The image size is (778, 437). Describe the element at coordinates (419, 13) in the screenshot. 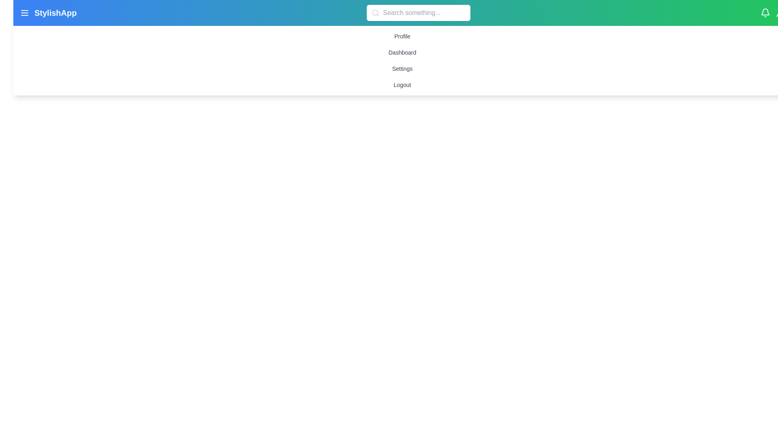

I see `the Text Input Field located in the navigation bar at the top of the page, which is positioned to the right of the 'StylishApp' logo and to the left of the notification and user profile icons` at that location.